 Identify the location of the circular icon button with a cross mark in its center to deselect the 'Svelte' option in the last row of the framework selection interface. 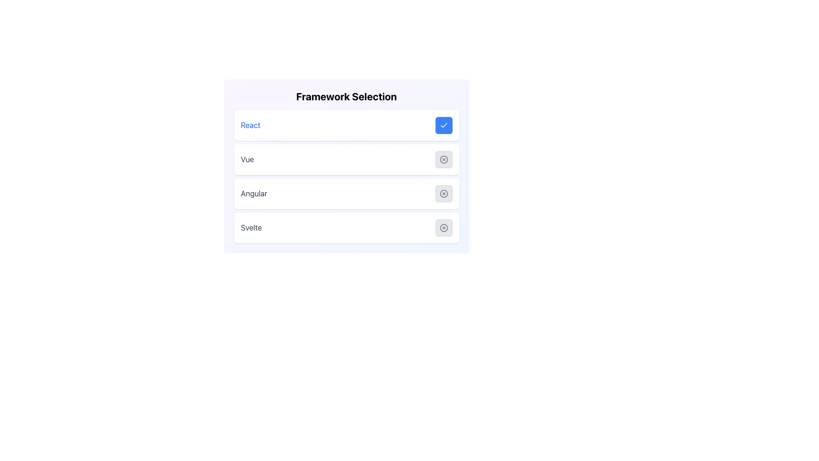
(444, 227).